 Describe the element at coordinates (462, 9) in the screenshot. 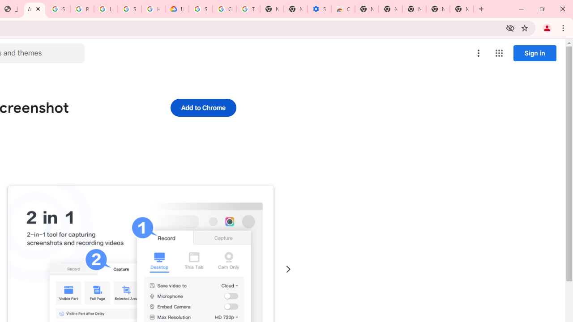

I see `'New Tab'` at that location.